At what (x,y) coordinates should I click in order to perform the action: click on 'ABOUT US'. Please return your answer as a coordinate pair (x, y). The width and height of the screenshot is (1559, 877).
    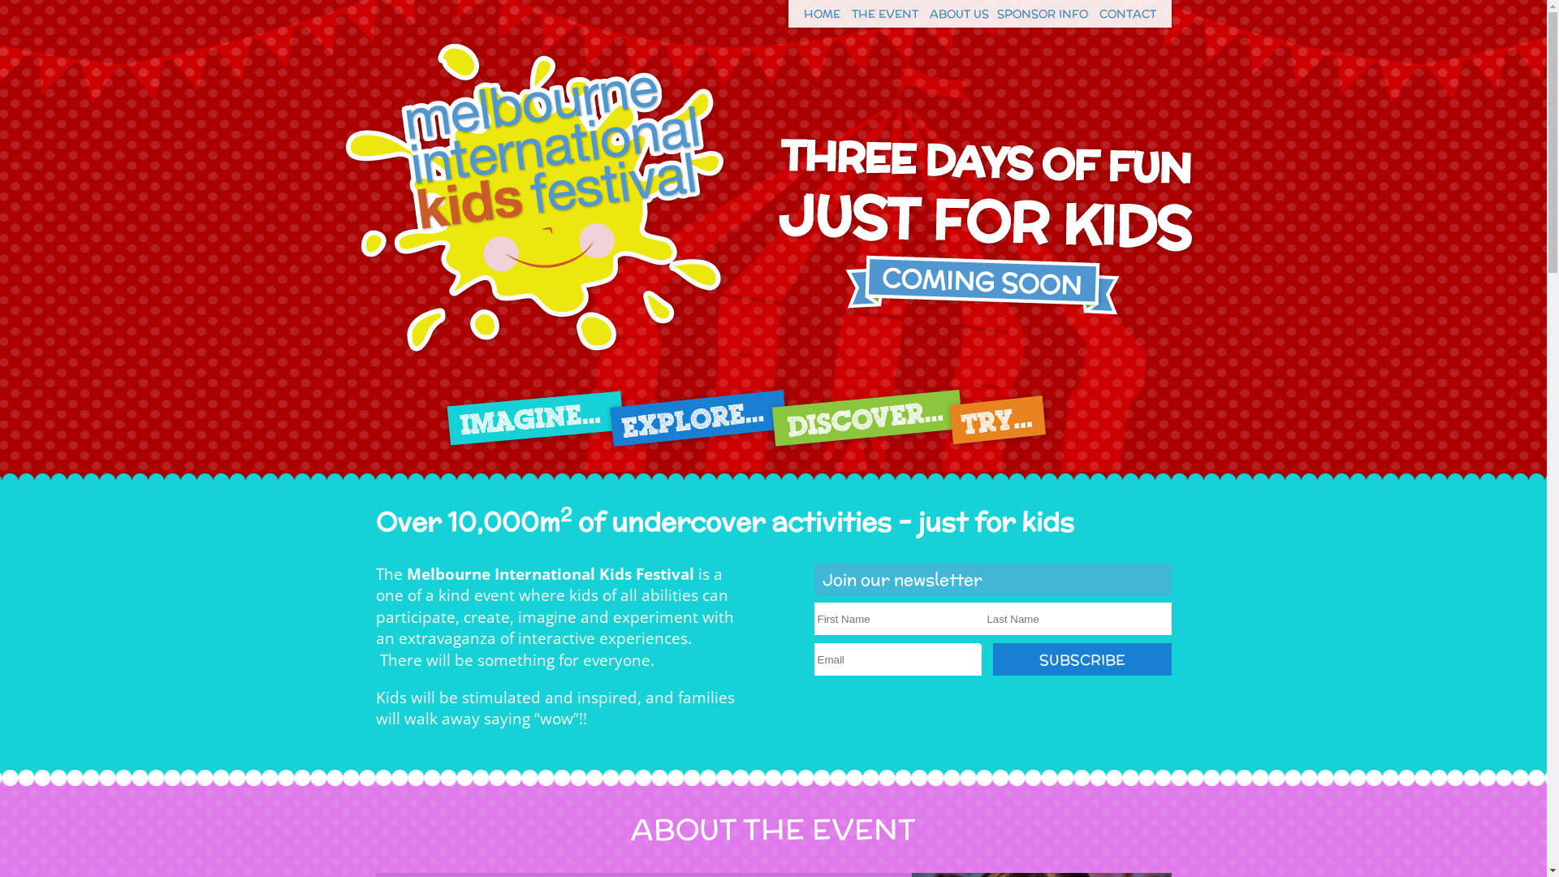
    Looking at the image, I should click on (958, 13).